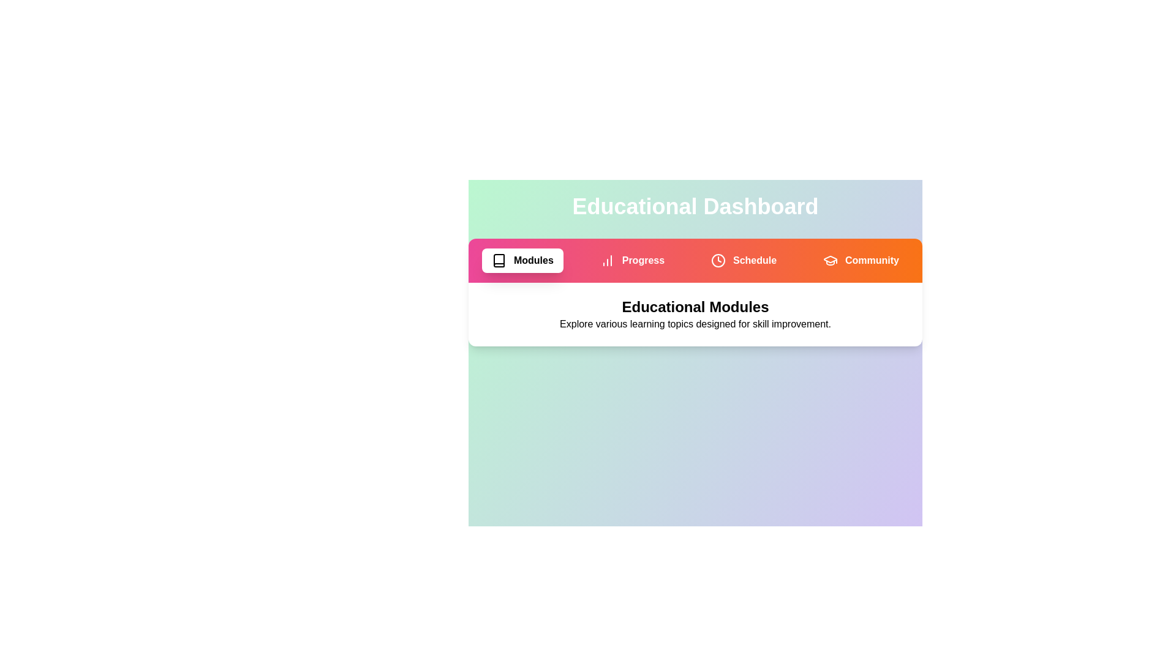 This screenshot has height=661, width=1176. Describe the element at coordinates (718, 260) in the screenshot. I see `the clock icon within the 'Schedule' option in the navigation menu` at that location.